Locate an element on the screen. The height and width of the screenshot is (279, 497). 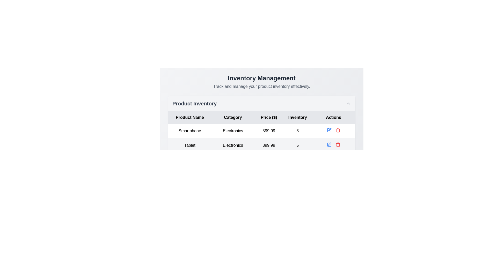
the icon button located in the top-right corner of the 'Product Inventory' card is located at coordinates (348, 104).